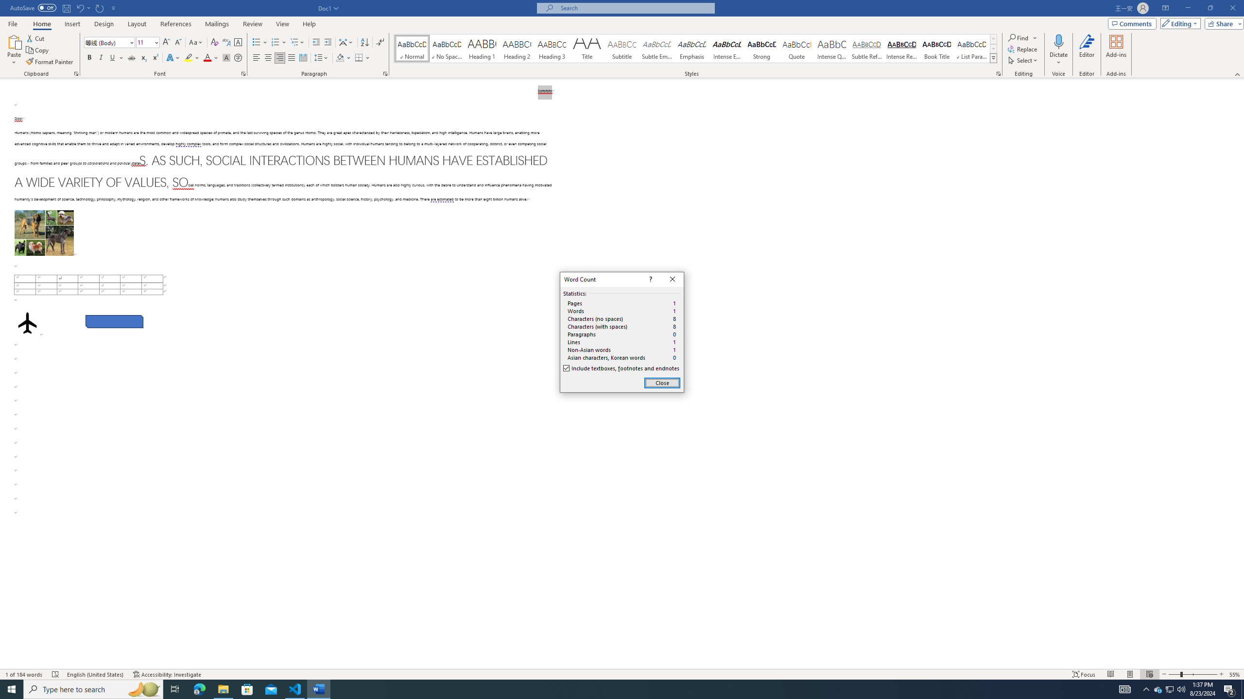 This screenshot has width=1244, height=699. What do you see at coordinates (1235, 674) in the screenshot?
I see `'Zoom 55%'` at bounding box center [1235, 674].